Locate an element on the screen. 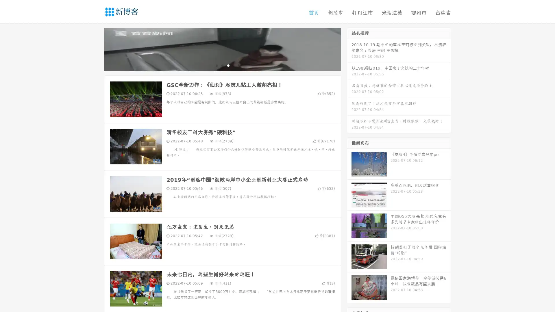 This screenshot has width=555, height=312. Go to slide 1 is located at coordinates (216, 65).